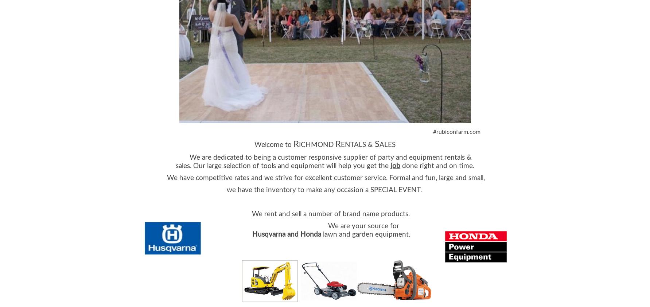 This screenshot has width=650, height=307. Describe the element at coordinates (167, 177) in the screenshot. I see `'We have competiti'` at that location.